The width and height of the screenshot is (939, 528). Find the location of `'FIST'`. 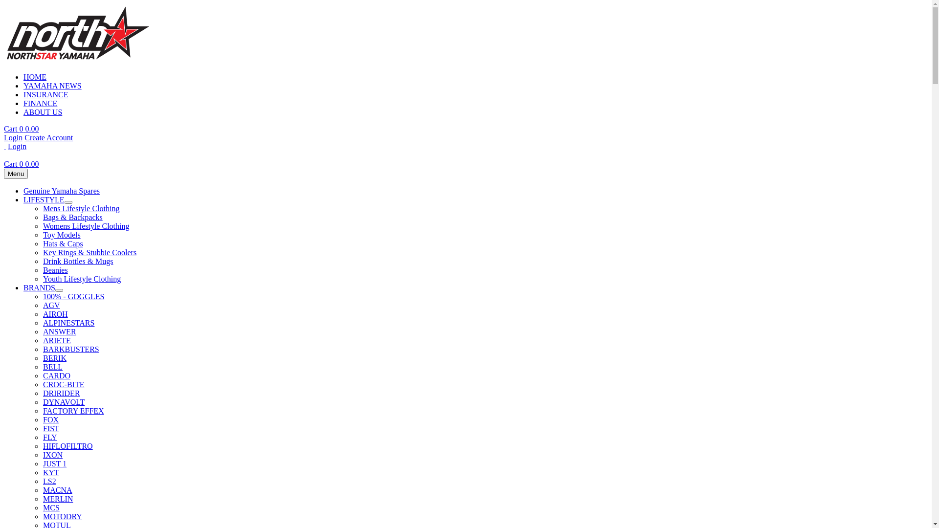

'FIST' is located at coordinates (42, 428).